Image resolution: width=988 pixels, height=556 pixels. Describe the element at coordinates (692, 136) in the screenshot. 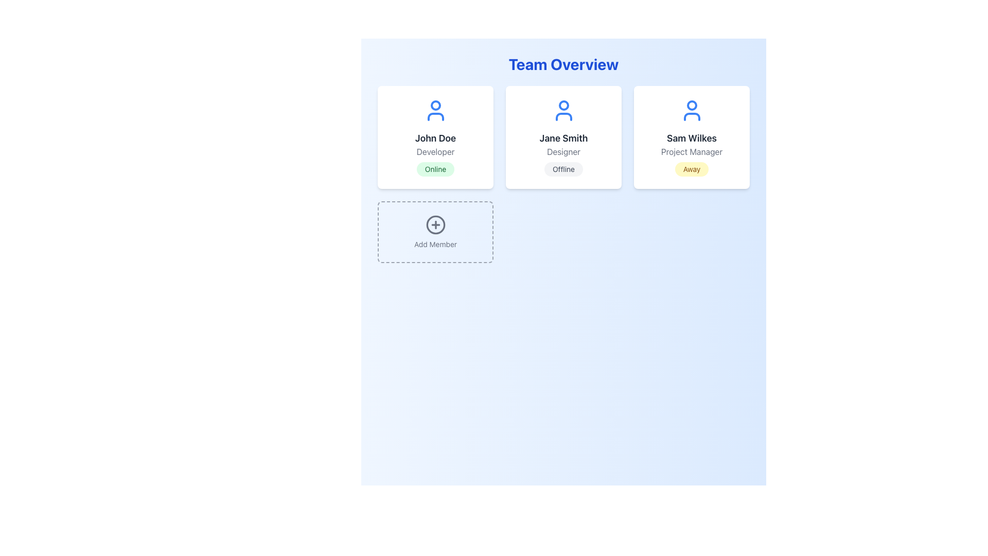

I see `the user card displaying the name 'Sam Wilkes', role 'Project Manager', and status 'Away' styled in yellow` at that location.